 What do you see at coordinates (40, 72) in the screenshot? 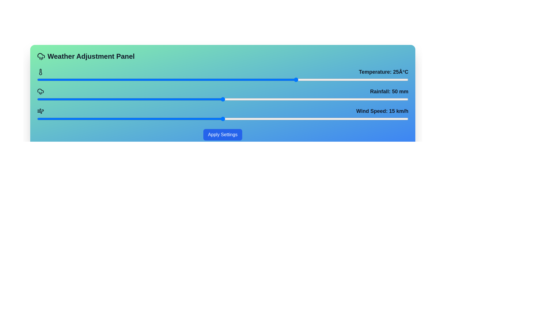
I see `the thermometer icon representing temperature data, which is located to the immediate left of the displayed temperature value 'Temperature: 25°C'` at bounding box center [40, 72].